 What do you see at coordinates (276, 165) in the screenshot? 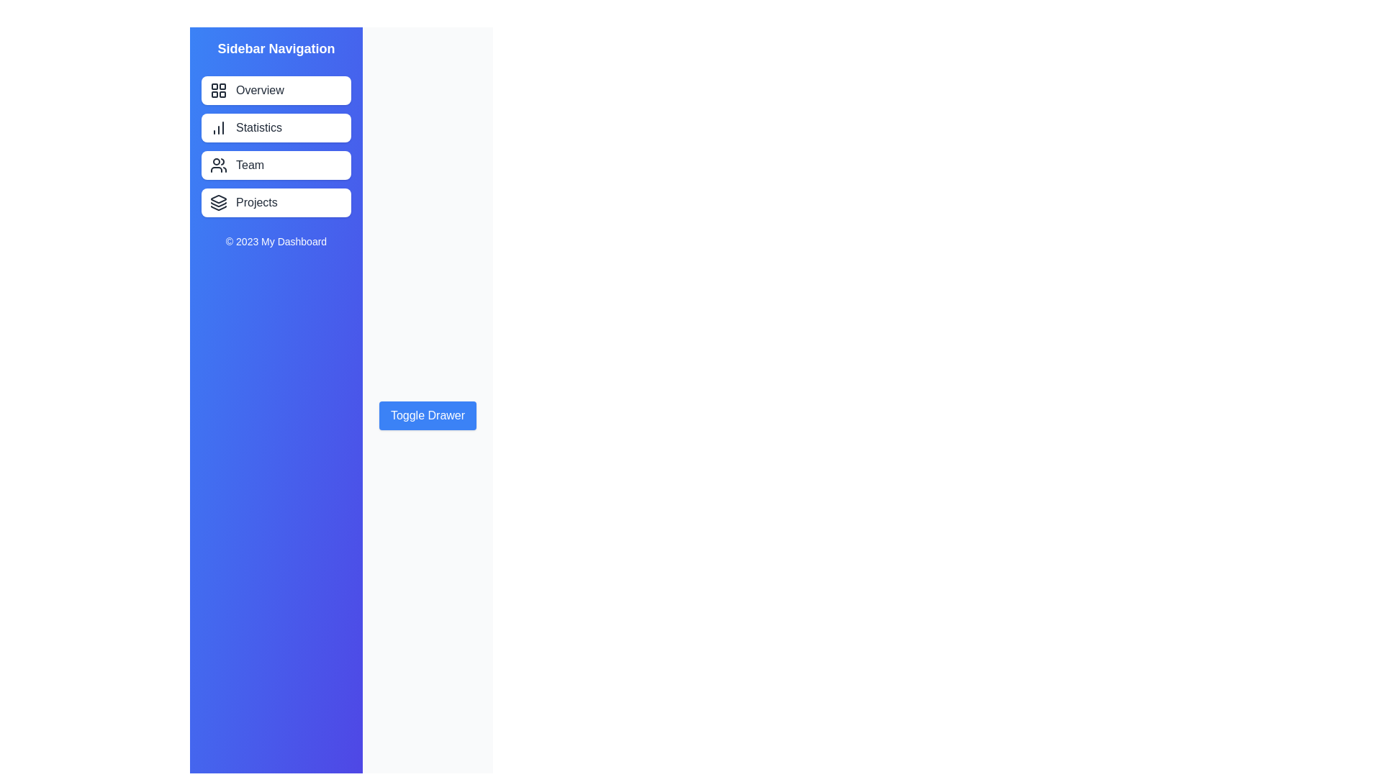
I see `the sidebar menu item Team` at bounding box center [276, 165].